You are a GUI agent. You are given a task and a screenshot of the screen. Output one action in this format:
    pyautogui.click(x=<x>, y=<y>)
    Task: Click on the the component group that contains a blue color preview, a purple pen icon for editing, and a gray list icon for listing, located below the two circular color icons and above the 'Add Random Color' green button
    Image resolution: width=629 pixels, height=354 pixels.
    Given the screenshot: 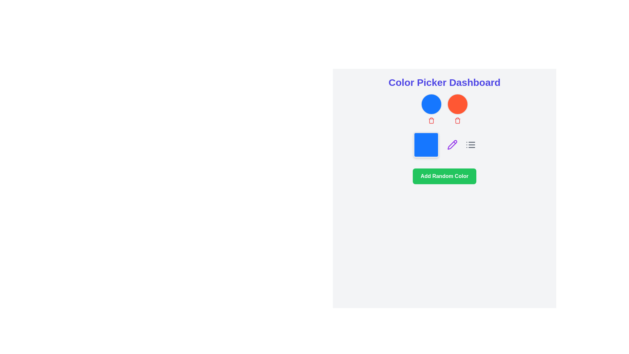 What is the action you would take?
    pyautogui.click(x=445, y=145)
    